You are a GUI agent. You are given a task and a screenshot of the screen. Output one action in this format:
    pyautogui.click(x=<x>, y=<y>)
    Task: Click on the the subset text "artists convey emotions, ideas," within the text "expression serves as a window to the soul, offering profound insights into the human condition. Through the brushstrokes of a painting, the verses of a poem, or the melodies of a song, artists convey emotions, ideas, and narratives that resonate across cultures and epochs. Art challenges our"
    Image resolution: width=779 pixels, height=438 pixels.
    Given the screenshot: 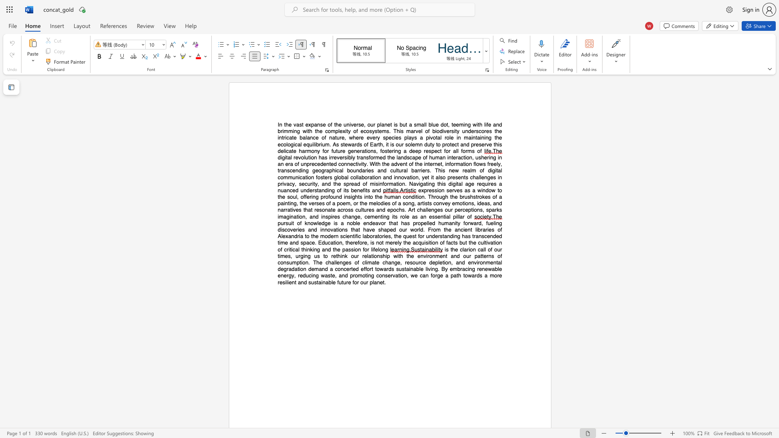 What is the action you would take?
    pyautogui.click(x=417, y=203)
    